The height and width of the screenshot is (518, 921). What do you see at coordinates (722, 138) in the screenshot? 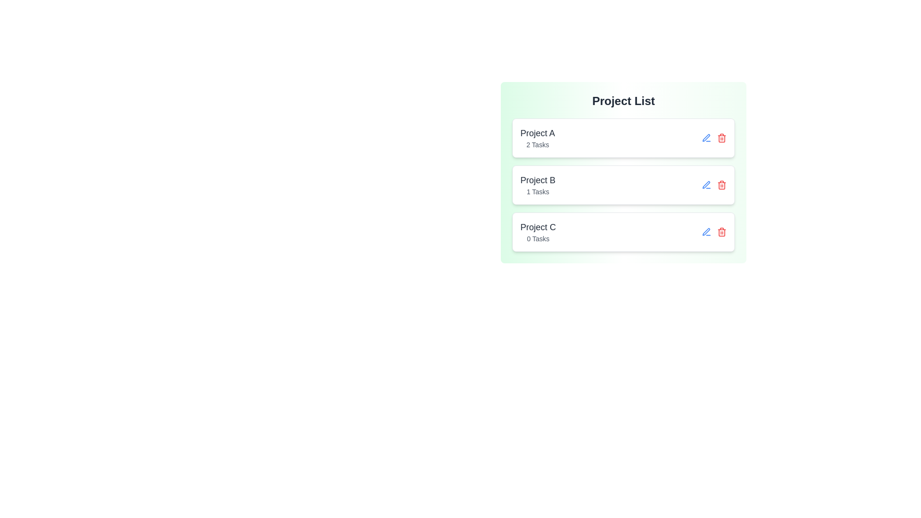
I see `the trash icon to delete the project corresponding to Project A` at bounding box center [722, 138].